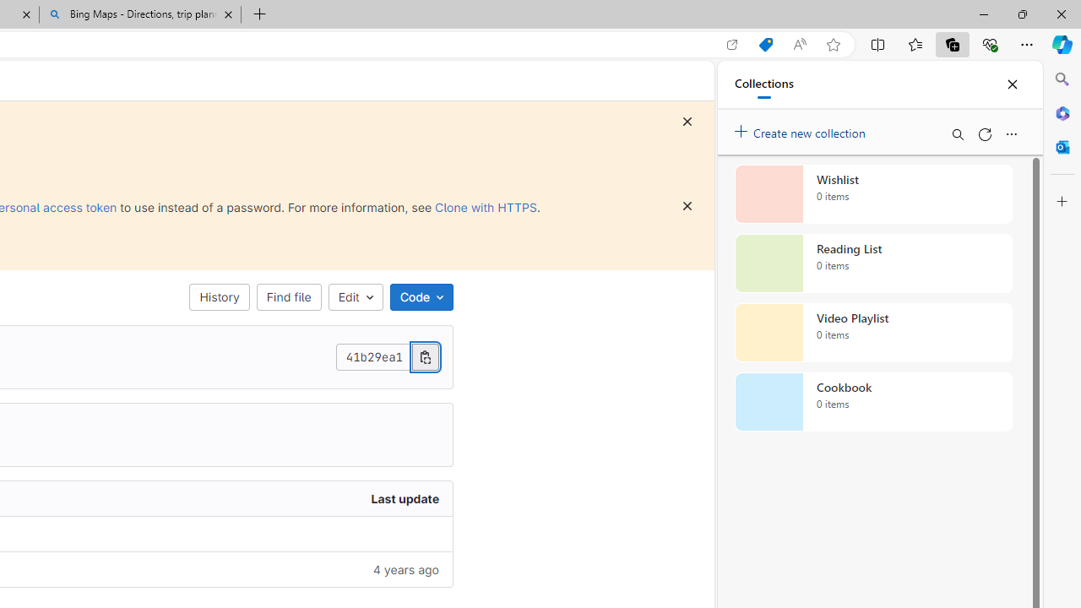 The image size is (1081, 608). I want to click on 'Dismiss', so click(687, 205).